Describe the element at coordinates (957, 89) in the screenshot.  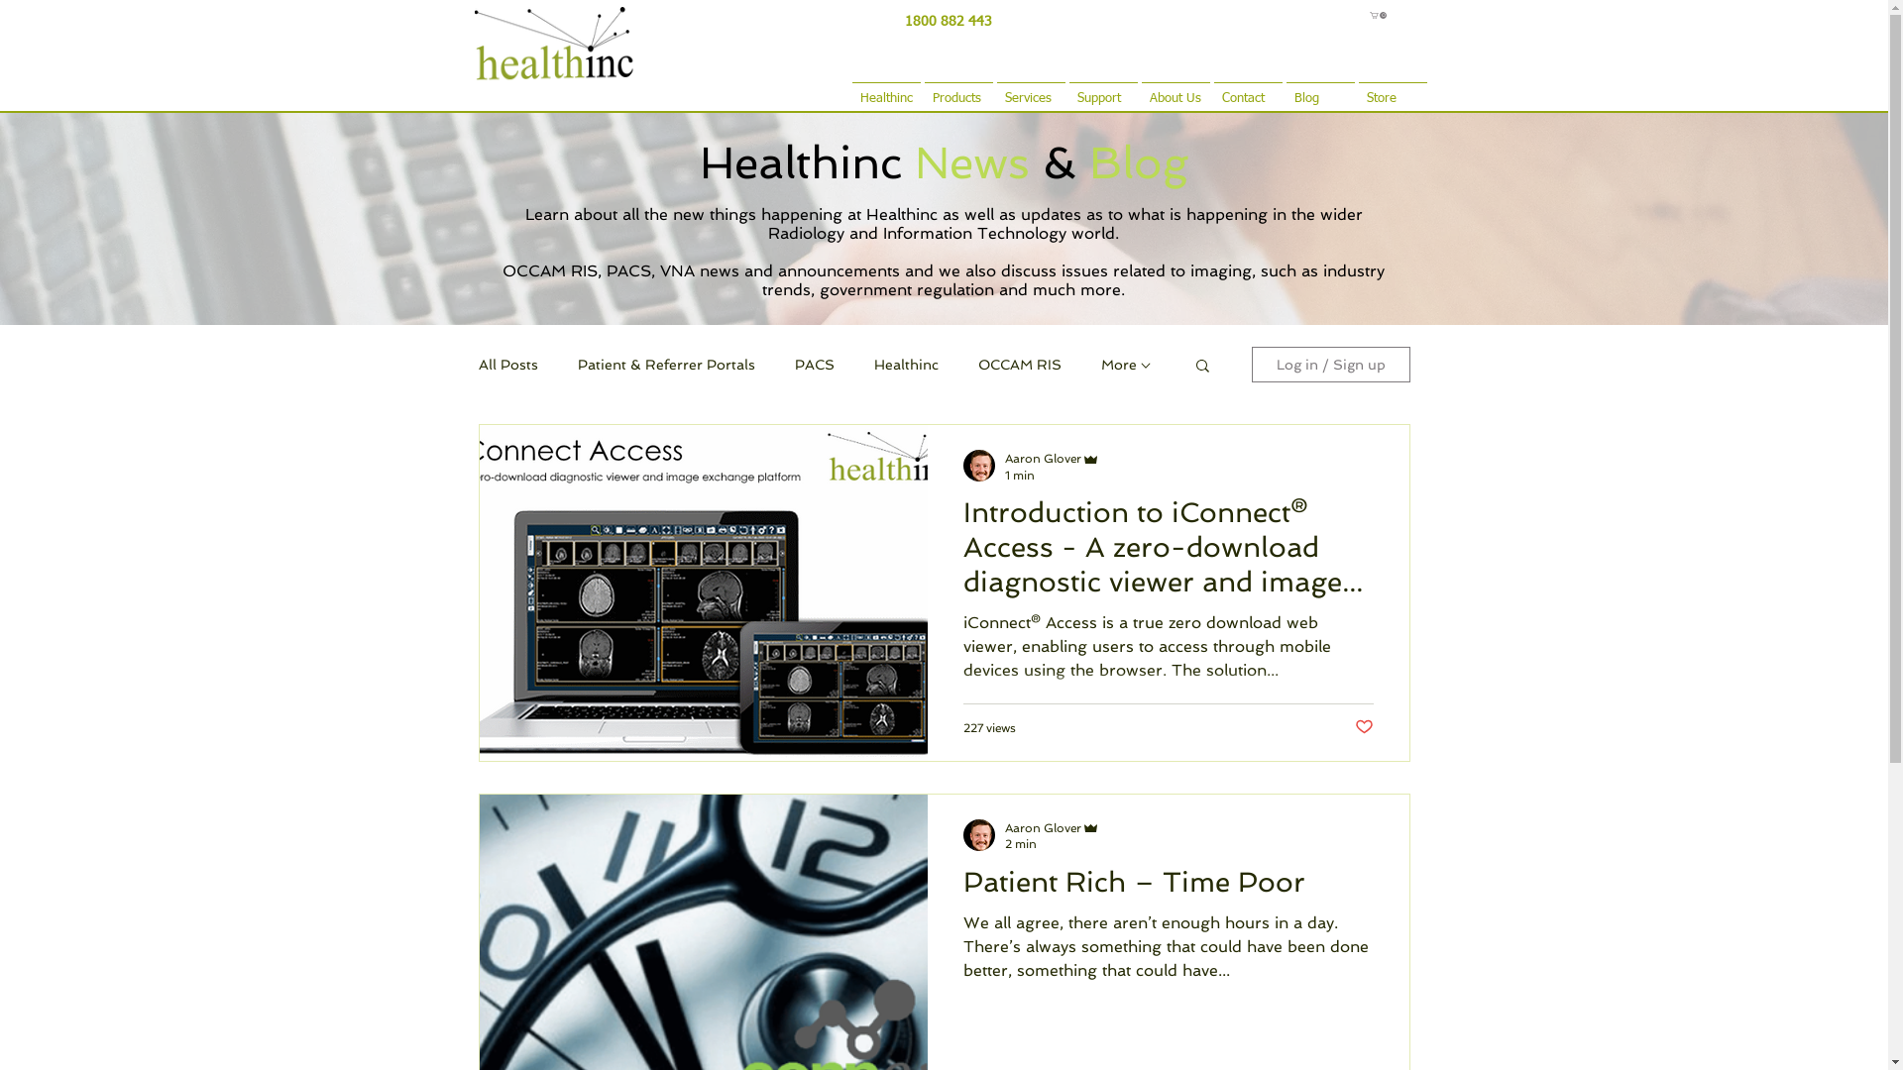
I see `'Products'` at that location.